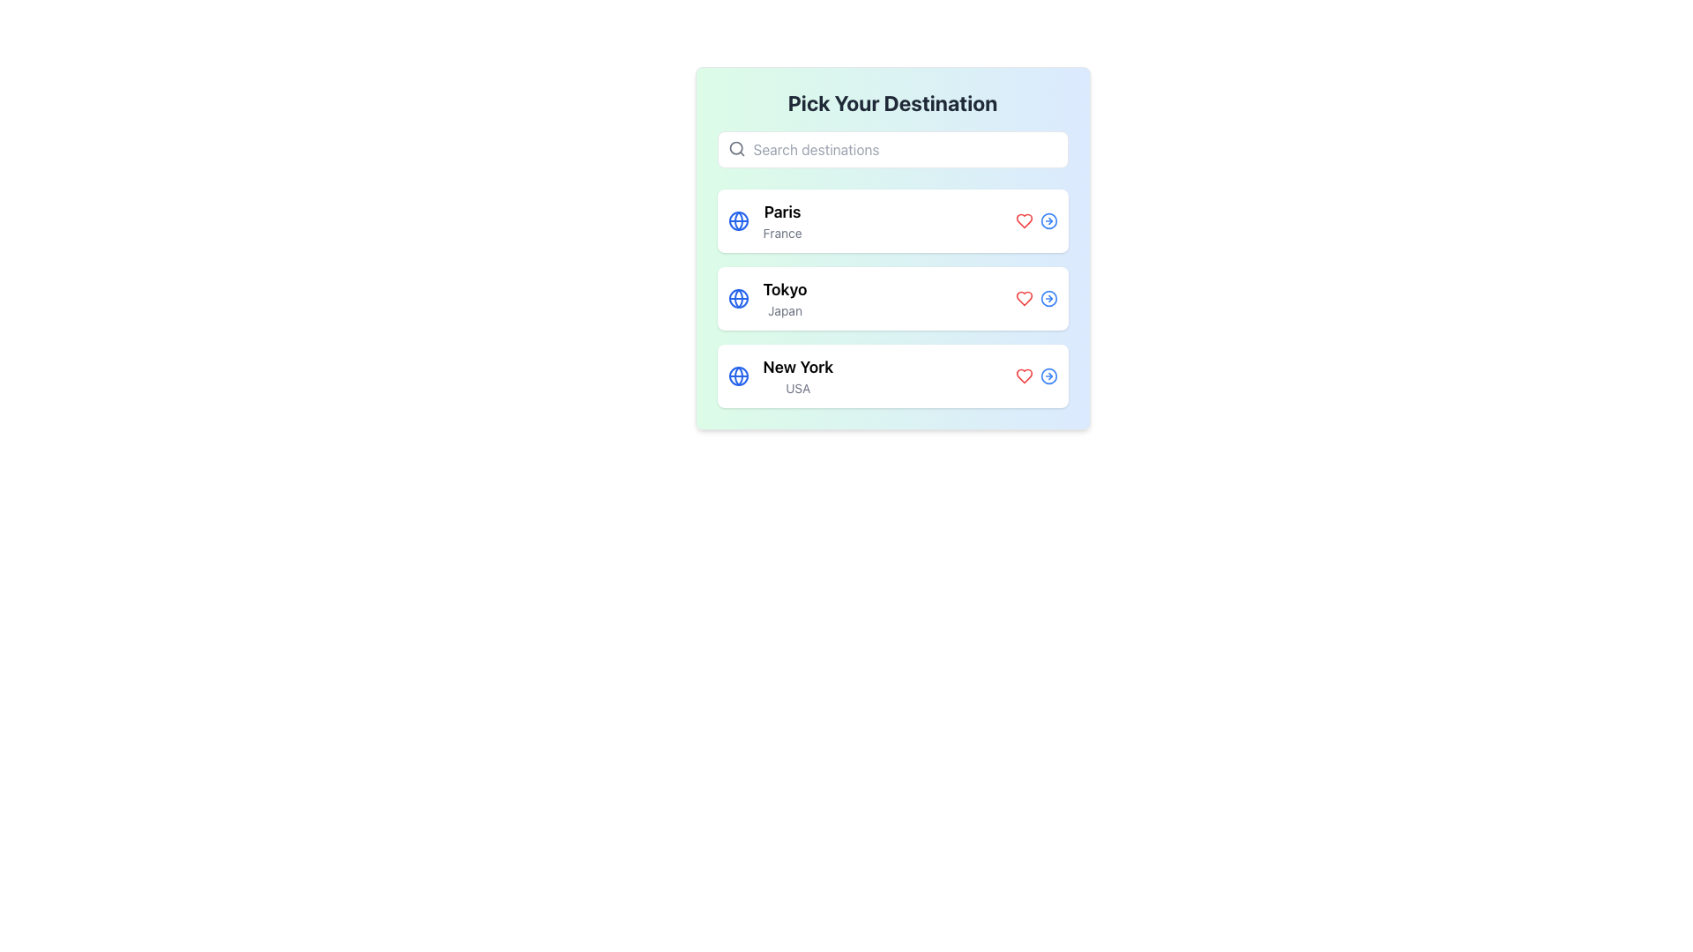 This screenshot has width=1693, height=952. Describe the element at coordinates (1024, 376) in the screenshot. I see `the heart icon located in the rightmost section of the third row of destinations to mark or unmark 'New York' as a favorite` at that location.